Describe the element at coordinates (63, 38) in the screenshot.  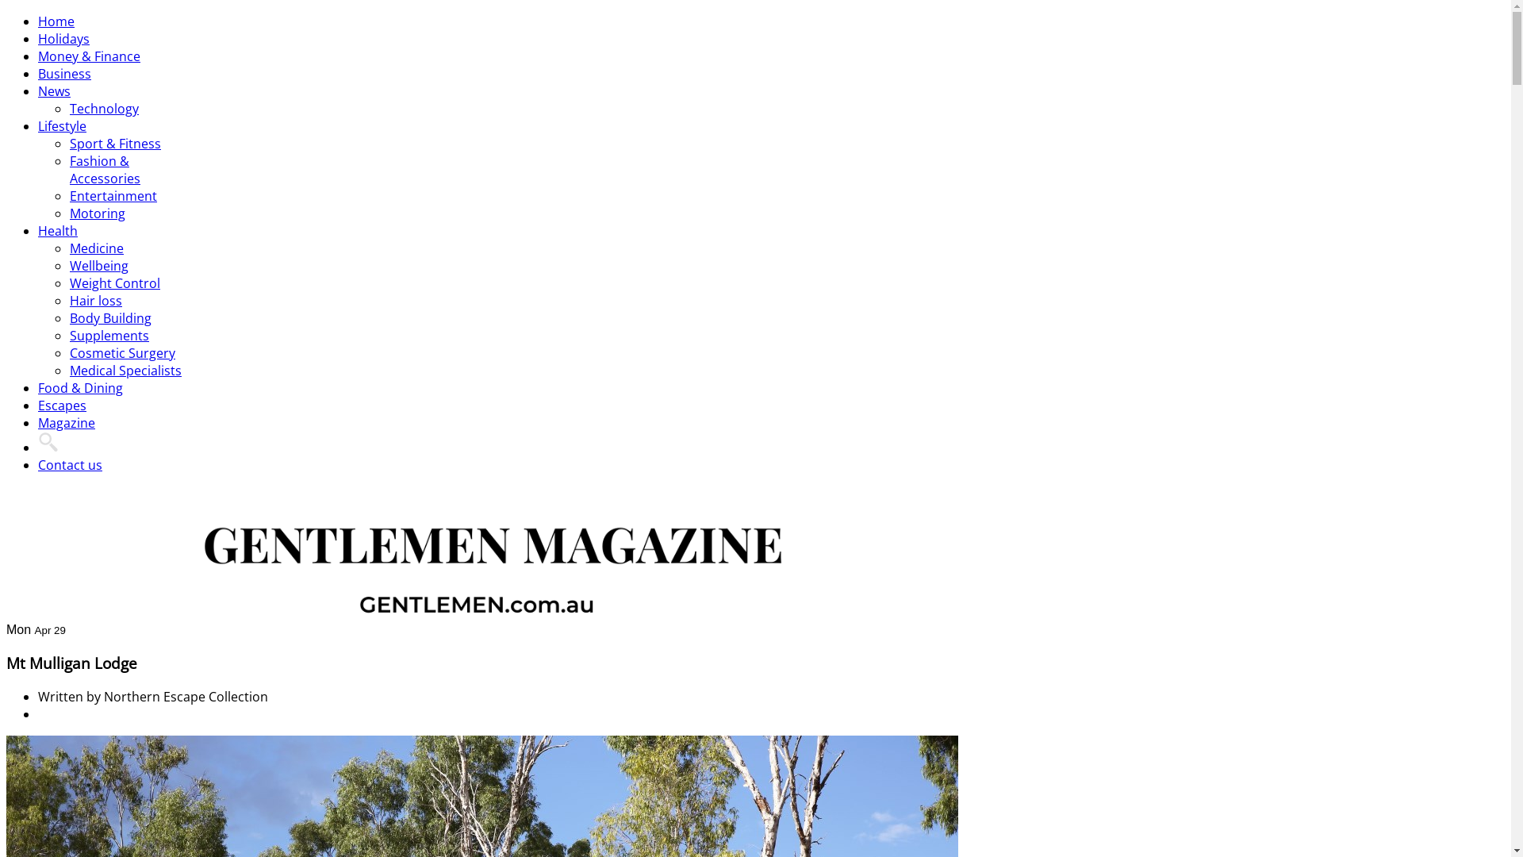
I see `'Holidays'` at that location.